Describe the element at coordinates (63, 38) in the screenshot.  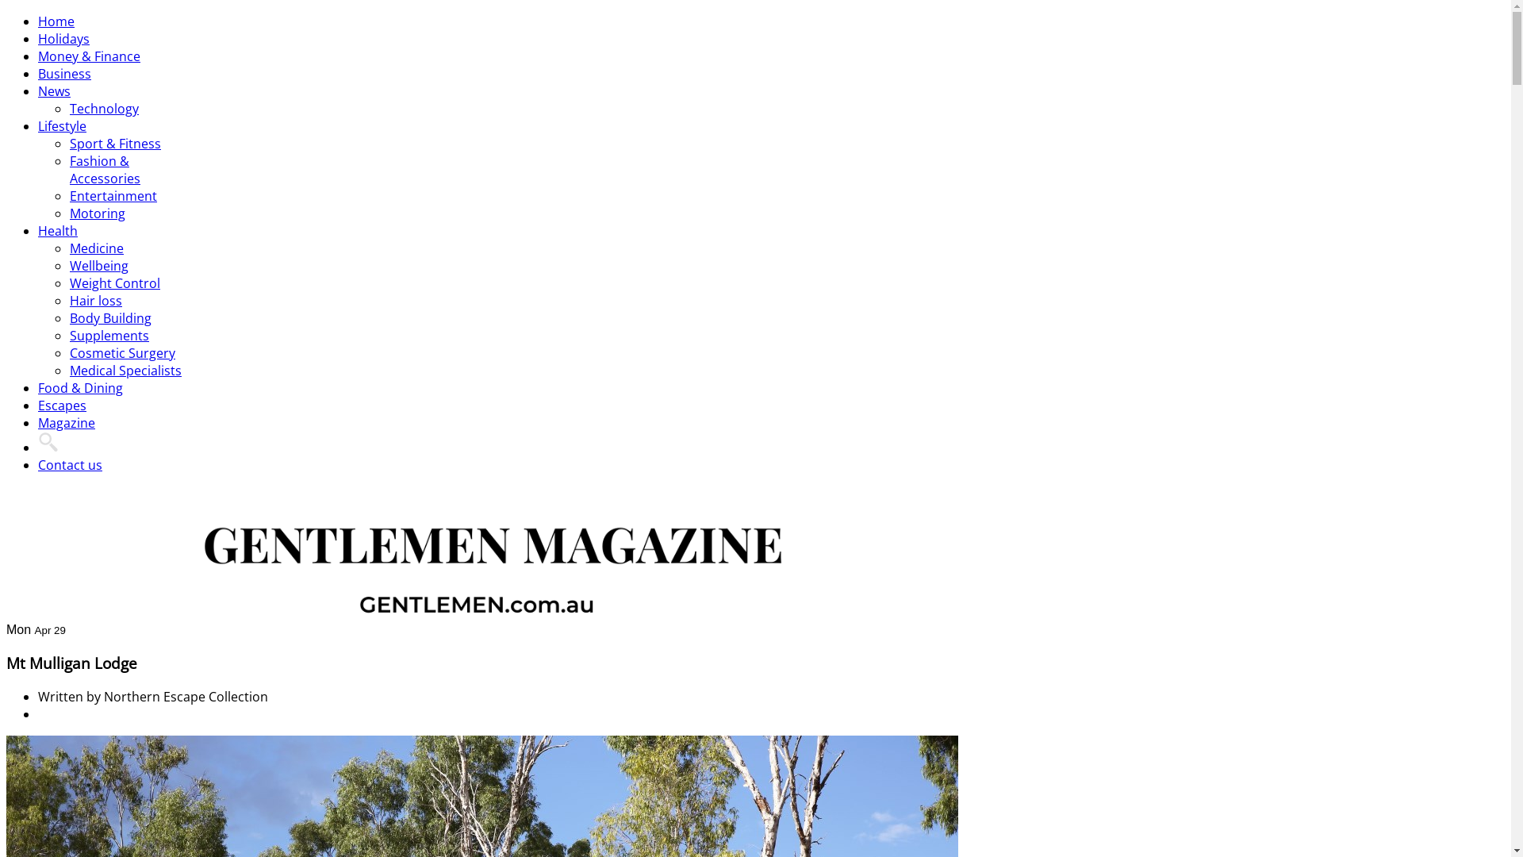
I see `'Holidays'` at that location.